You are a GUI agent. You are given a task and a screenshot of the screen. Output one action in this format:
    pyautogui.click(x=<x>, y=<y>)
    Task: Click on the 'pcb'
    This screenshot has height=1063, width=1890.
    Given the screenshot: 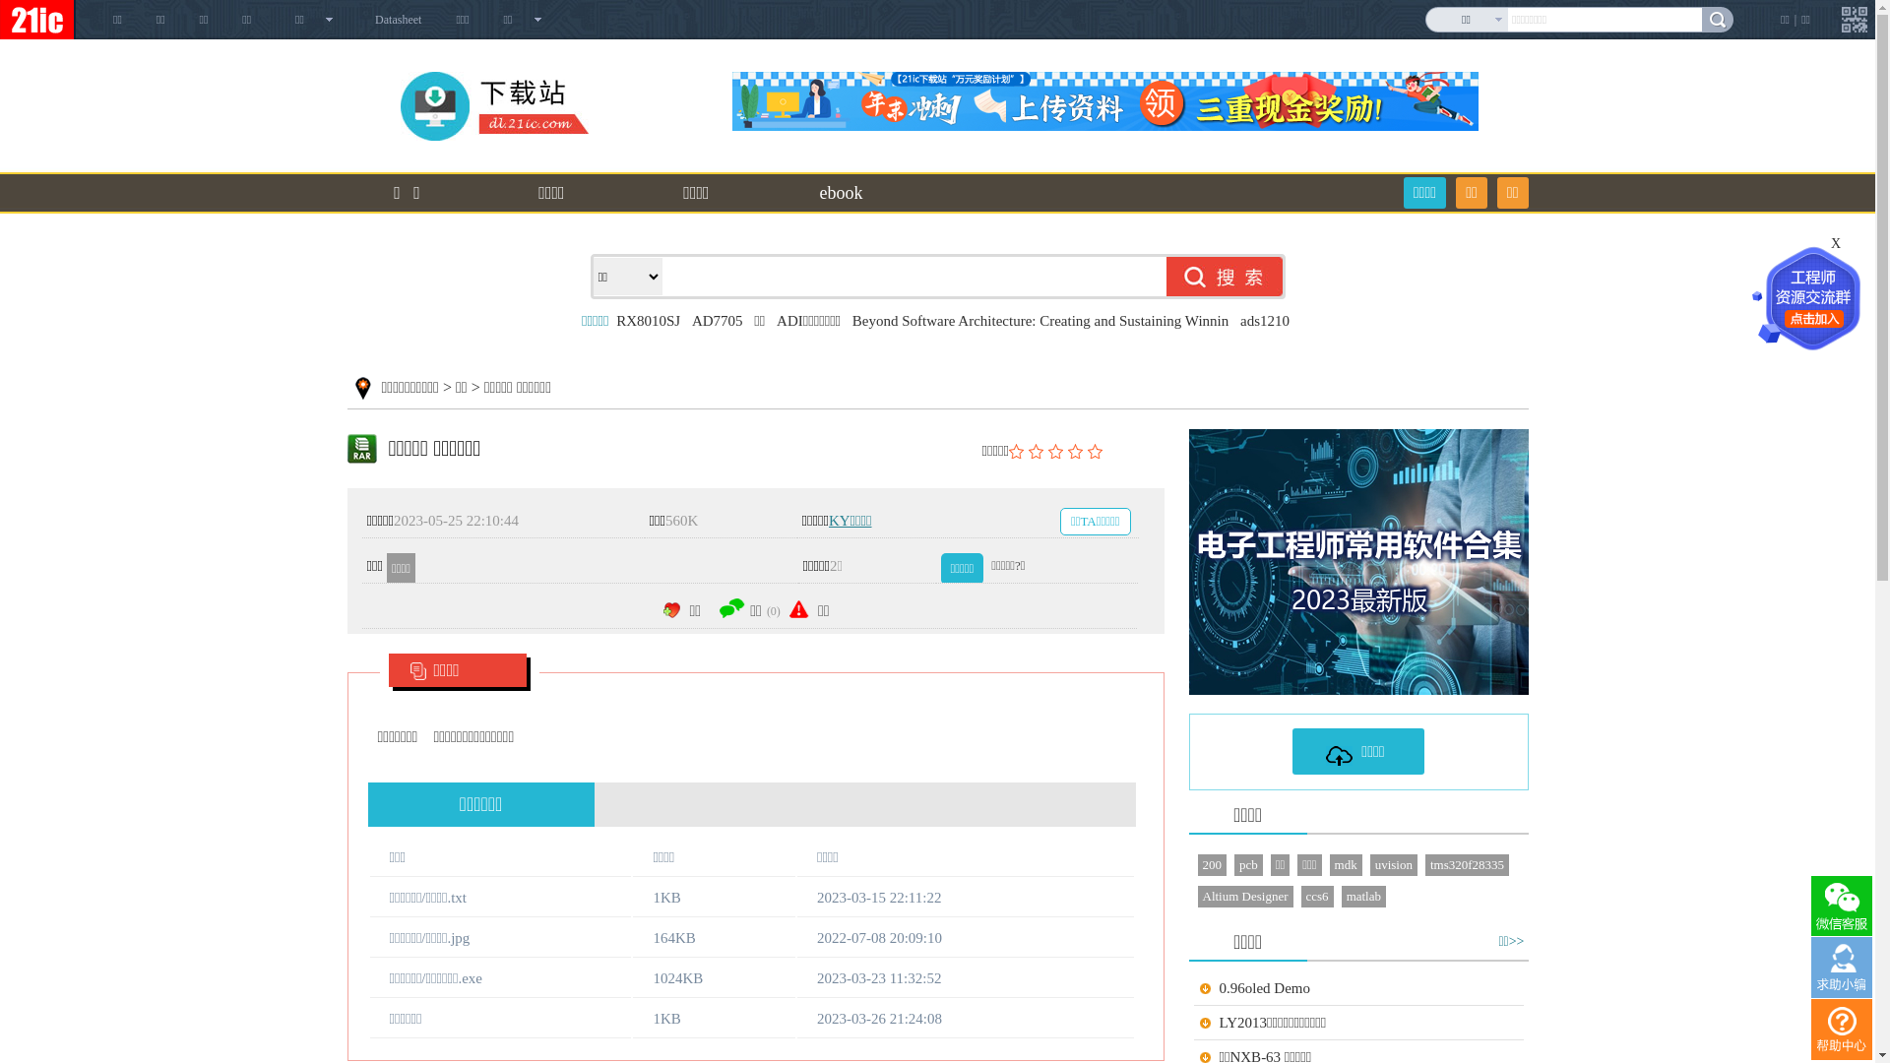 What is the action you would take?
    pyautogui.click(x=1247, y=864)
    